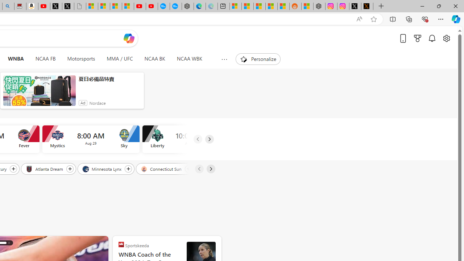 The image size is (464, 261). Describe the element at coordinates (191, 139) in the screenshot. I see `'Liberty vs Sparks Time 10:00 AM Date Aug 29'` at that location.